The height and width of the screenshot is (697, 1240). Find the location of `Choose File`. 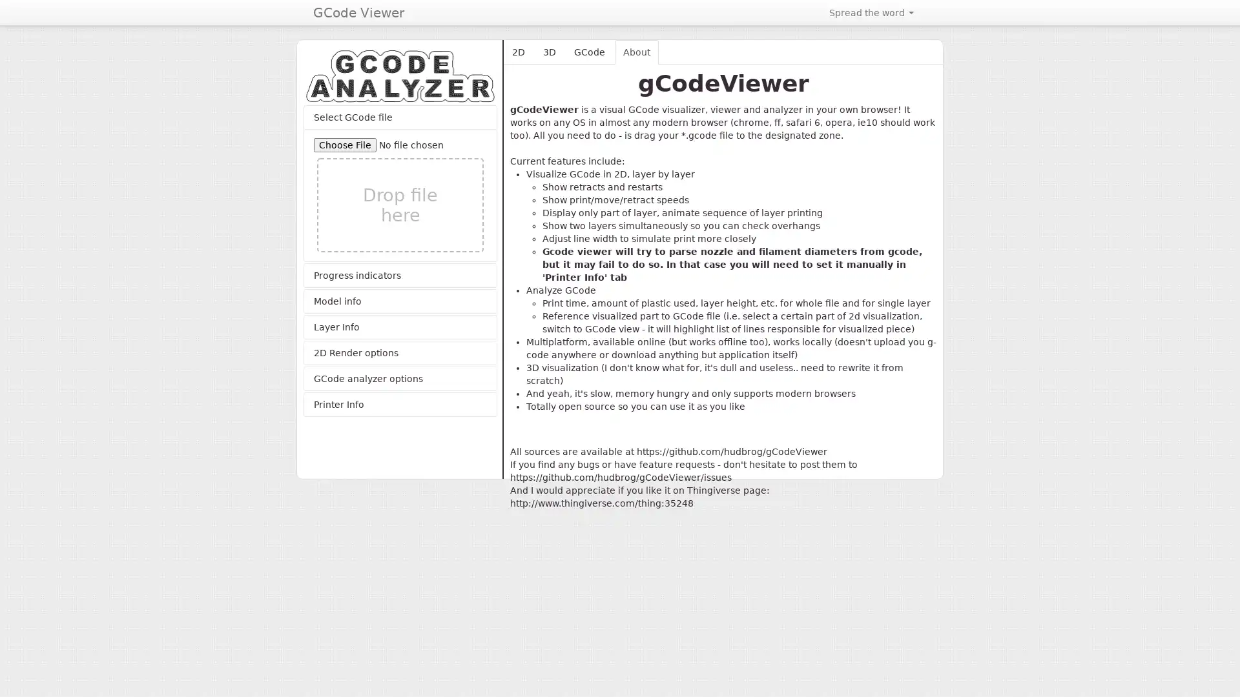

Choose File is located at coordinates (345, 144).